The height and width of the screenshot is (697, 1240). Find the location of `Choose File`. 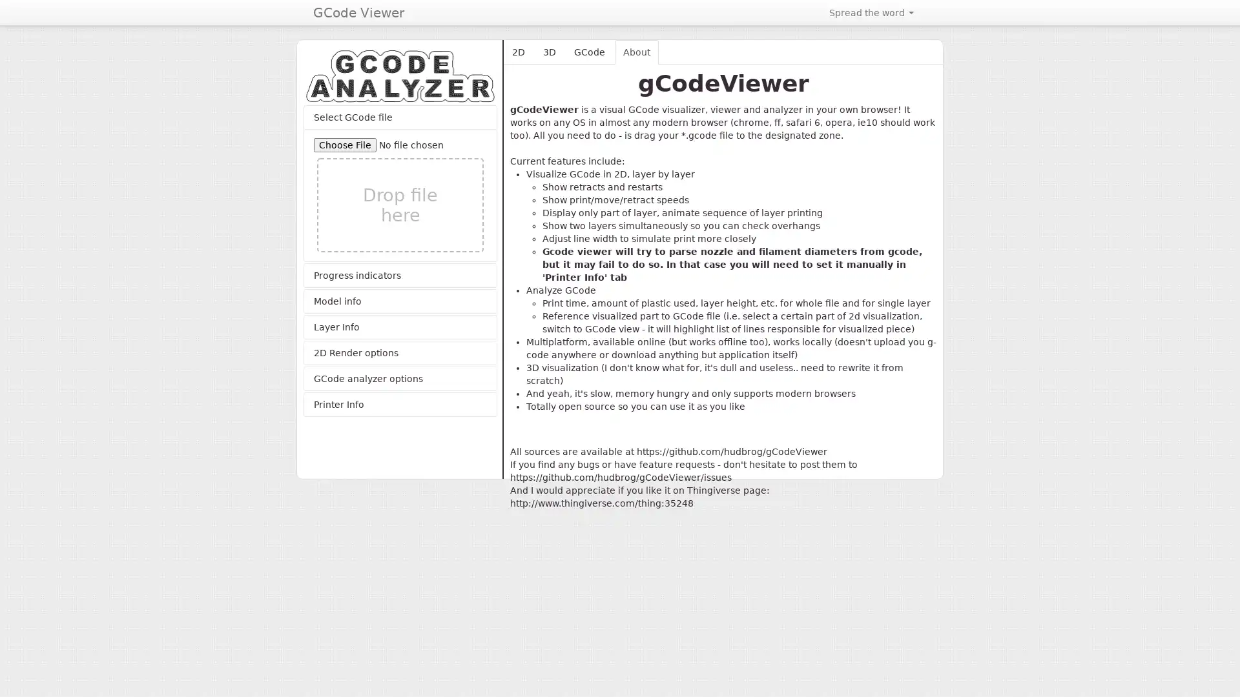

Choose File is located at coordinates (345, 144).